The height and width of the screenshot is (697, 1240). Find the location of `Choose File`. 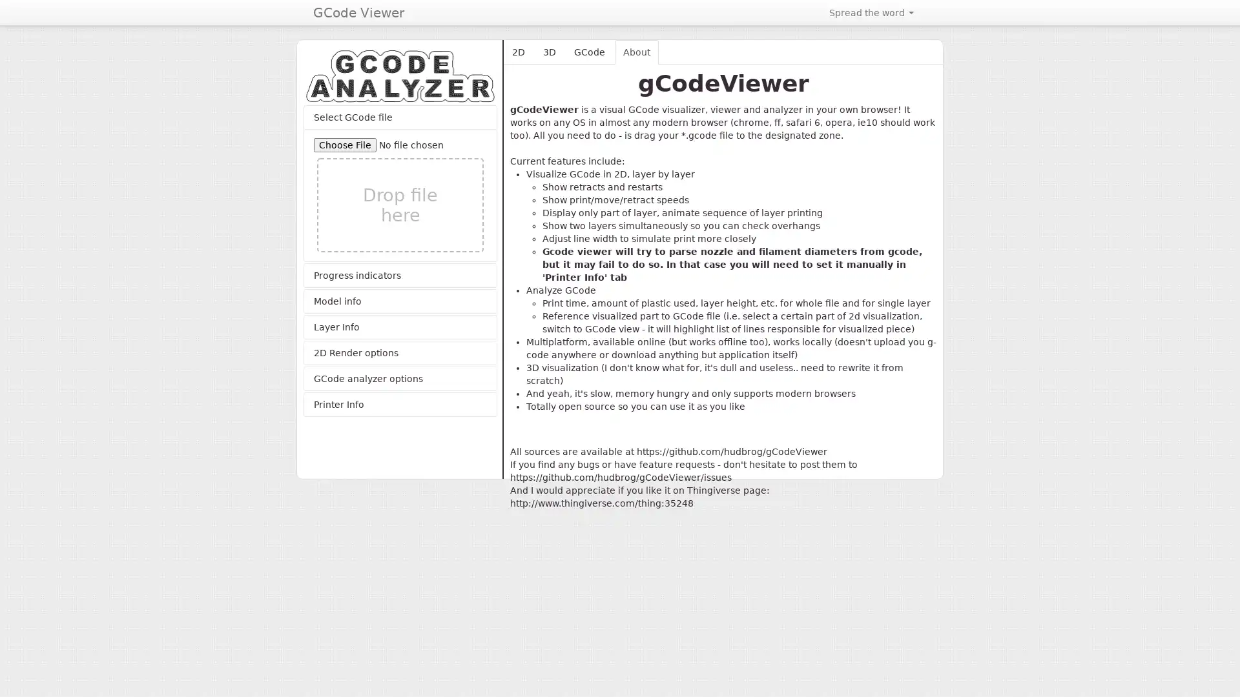

Choose File is located at coordinates (345, 144).